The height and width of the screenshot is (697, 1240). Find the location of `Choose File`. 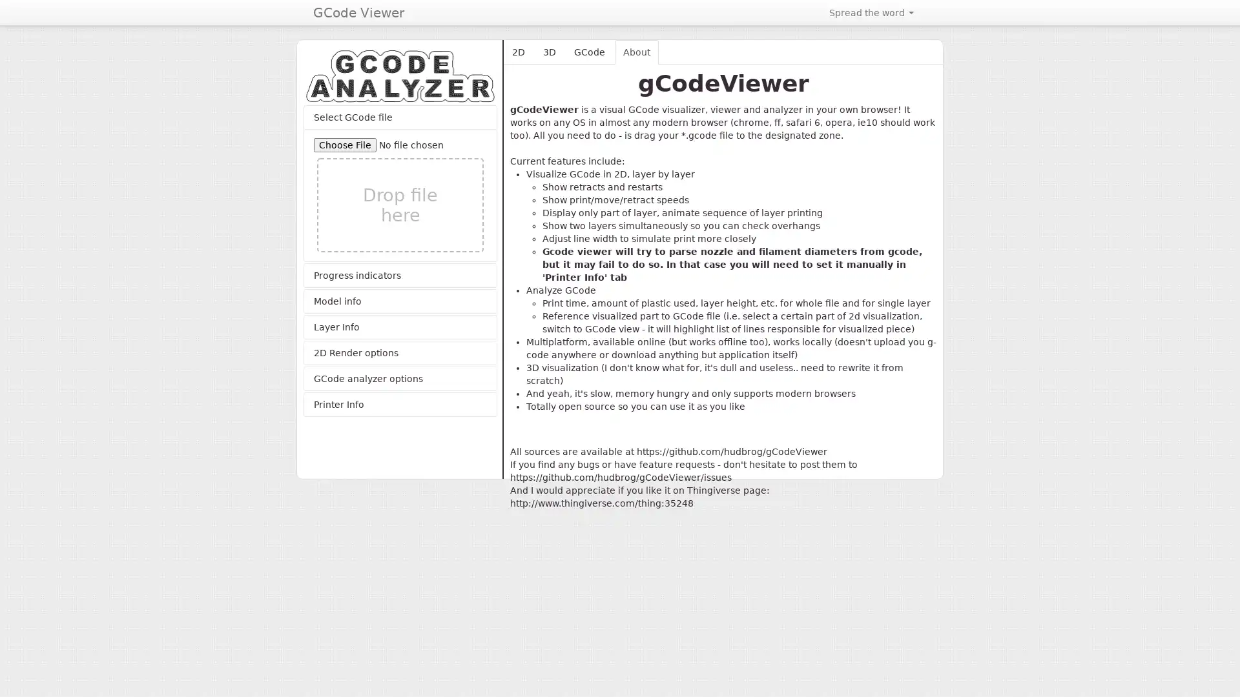

Choose File is located at coordinates (345, 144).